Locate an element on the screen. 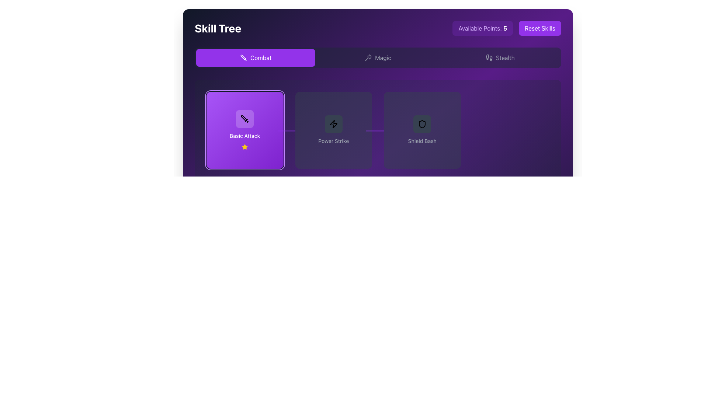 The height and width of the screenshot is (398, 708). the 'Magic' navigation option in the horizontal navigation bar is located at coordinates (383, 57).